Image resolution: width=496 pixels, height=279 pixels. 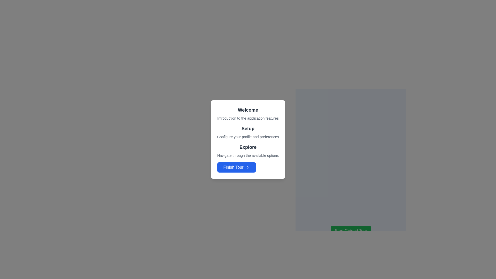 I want to click on the forward navigation icon located on the far-right side of the 'Finish Tour' button at the bottom of the modal, so click(x=247, y=167).